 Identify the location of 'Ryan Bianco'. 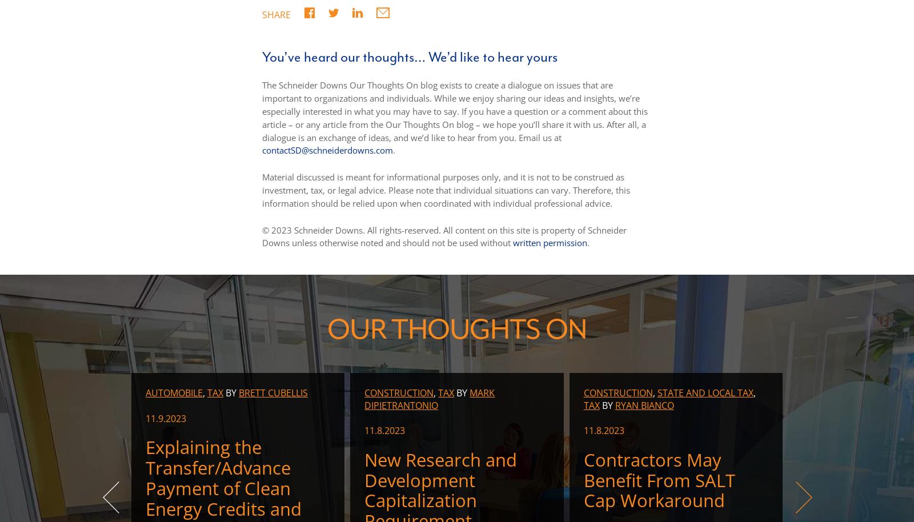
(644, 404).